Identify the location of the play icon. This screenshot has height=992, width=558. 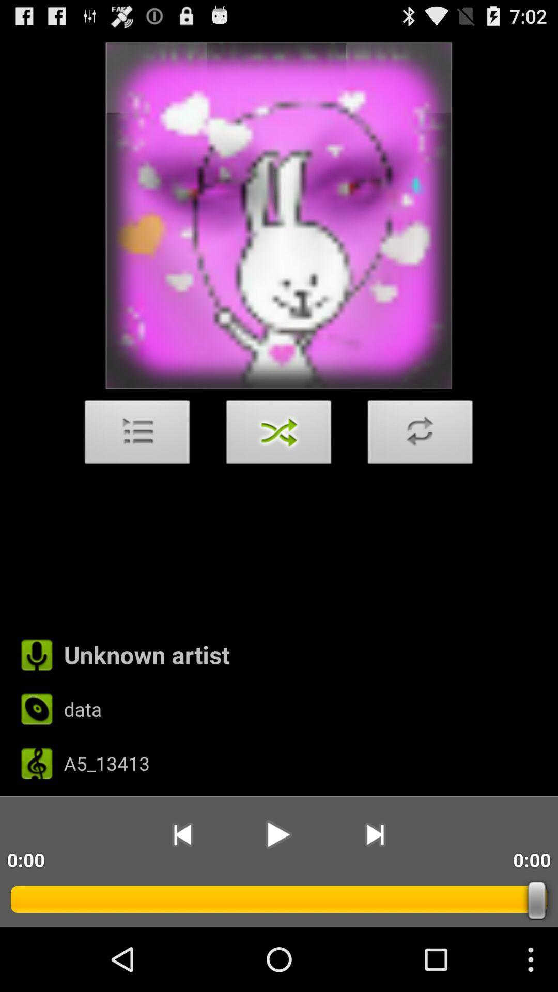
(278, 892).